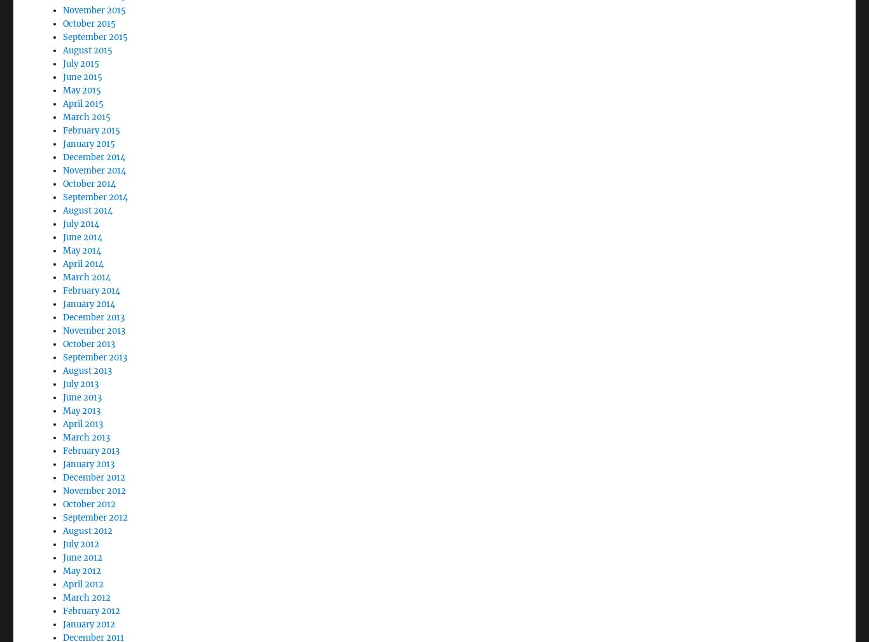  I want to click on 'February 2012', so click(63, 576).